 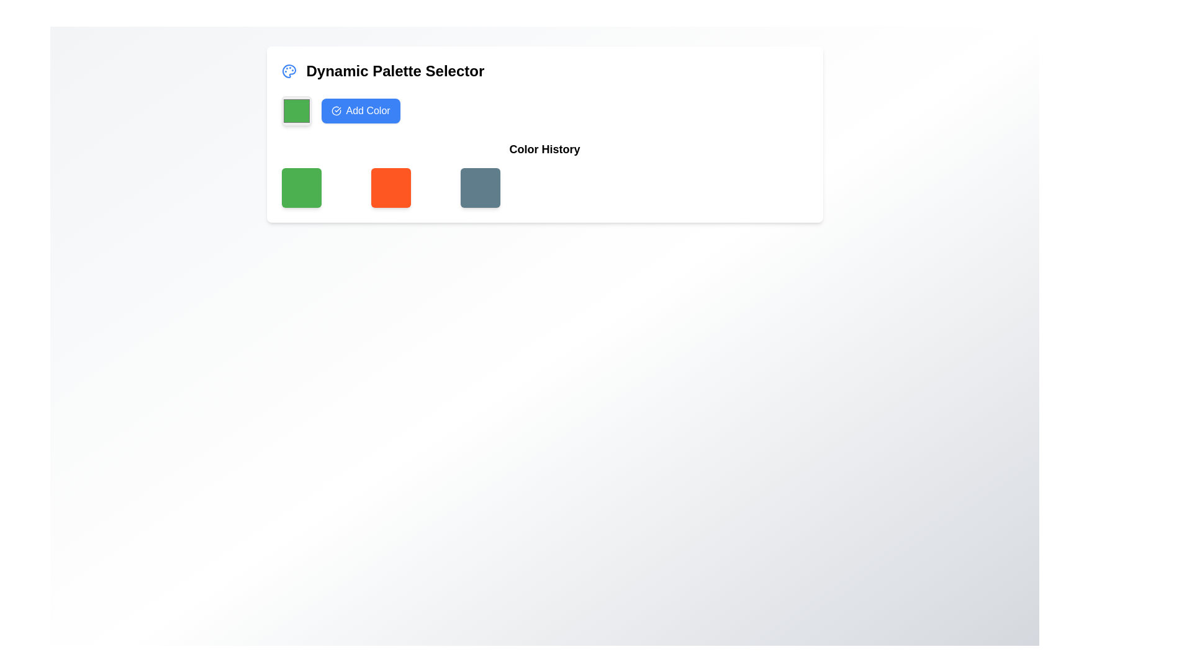 I want to click on the Text Label that serves as a title or header, providing context for the section below, positioned to the right of a small palette icon, so click(x=394, y=71).